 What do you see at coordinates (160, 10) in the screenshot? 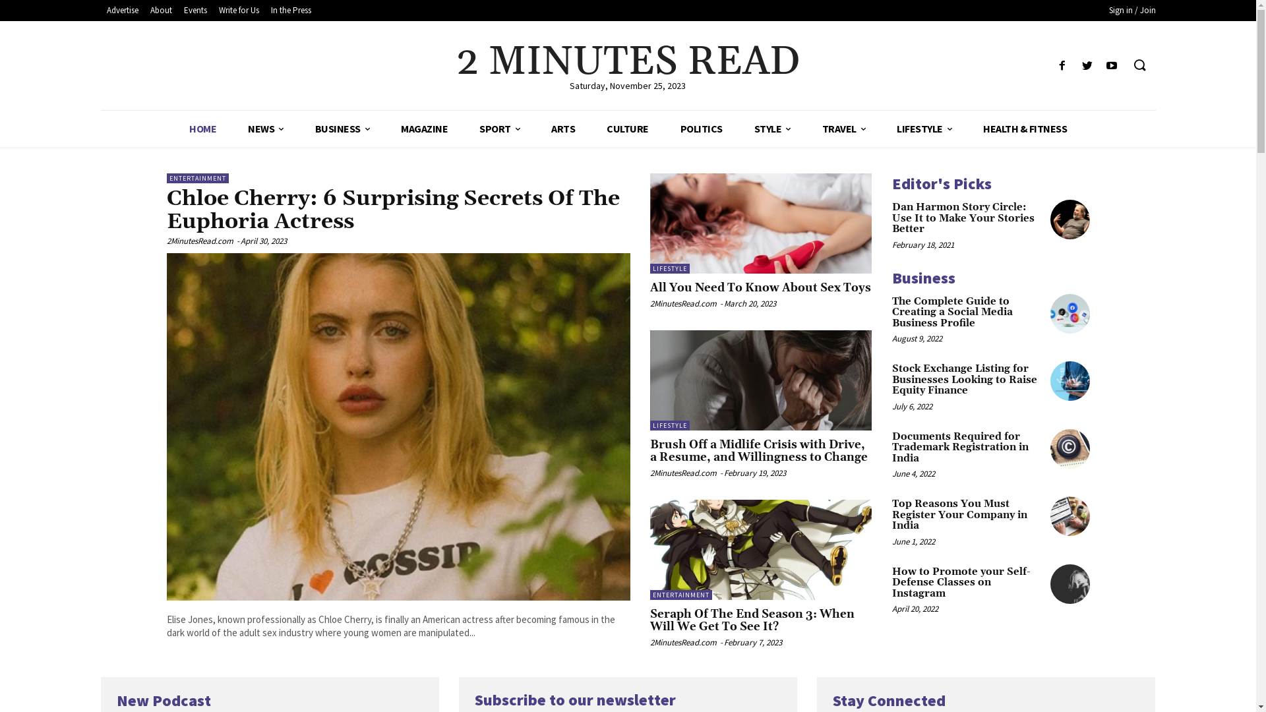
I see `'About'` at bounding box center [160, 10].